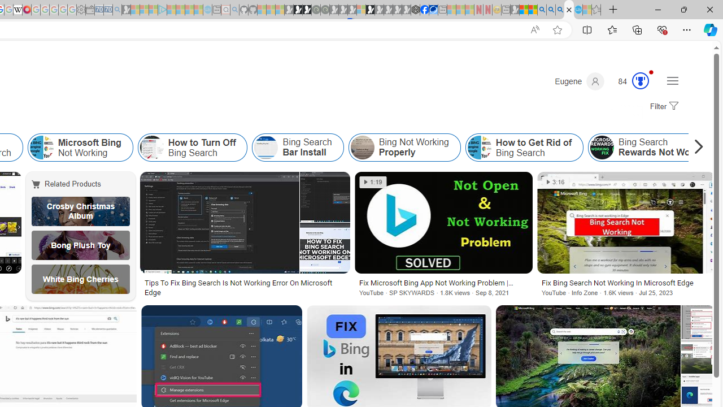  I want to click on 'Microsoft Bing Not Working', so click(80, 147).